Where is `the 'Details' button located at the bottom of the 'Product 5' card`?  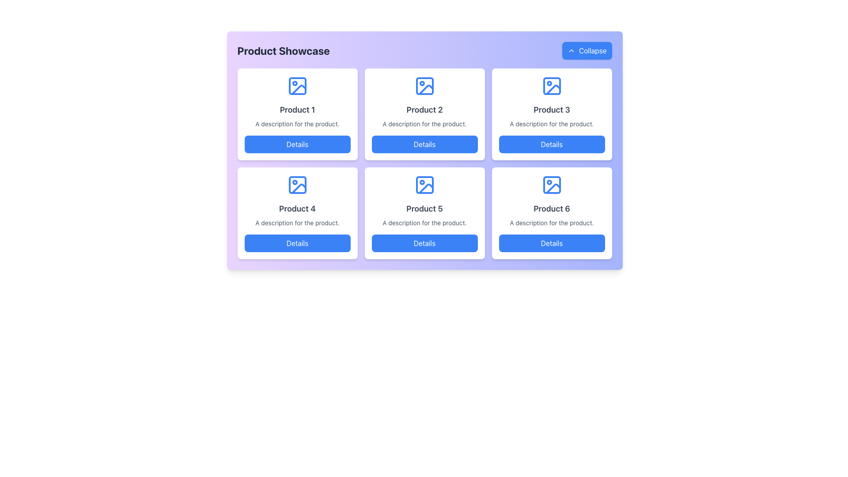
the 'Details' button located at the bottom of the 'Product 5' card is located at coordinates (424, 243).